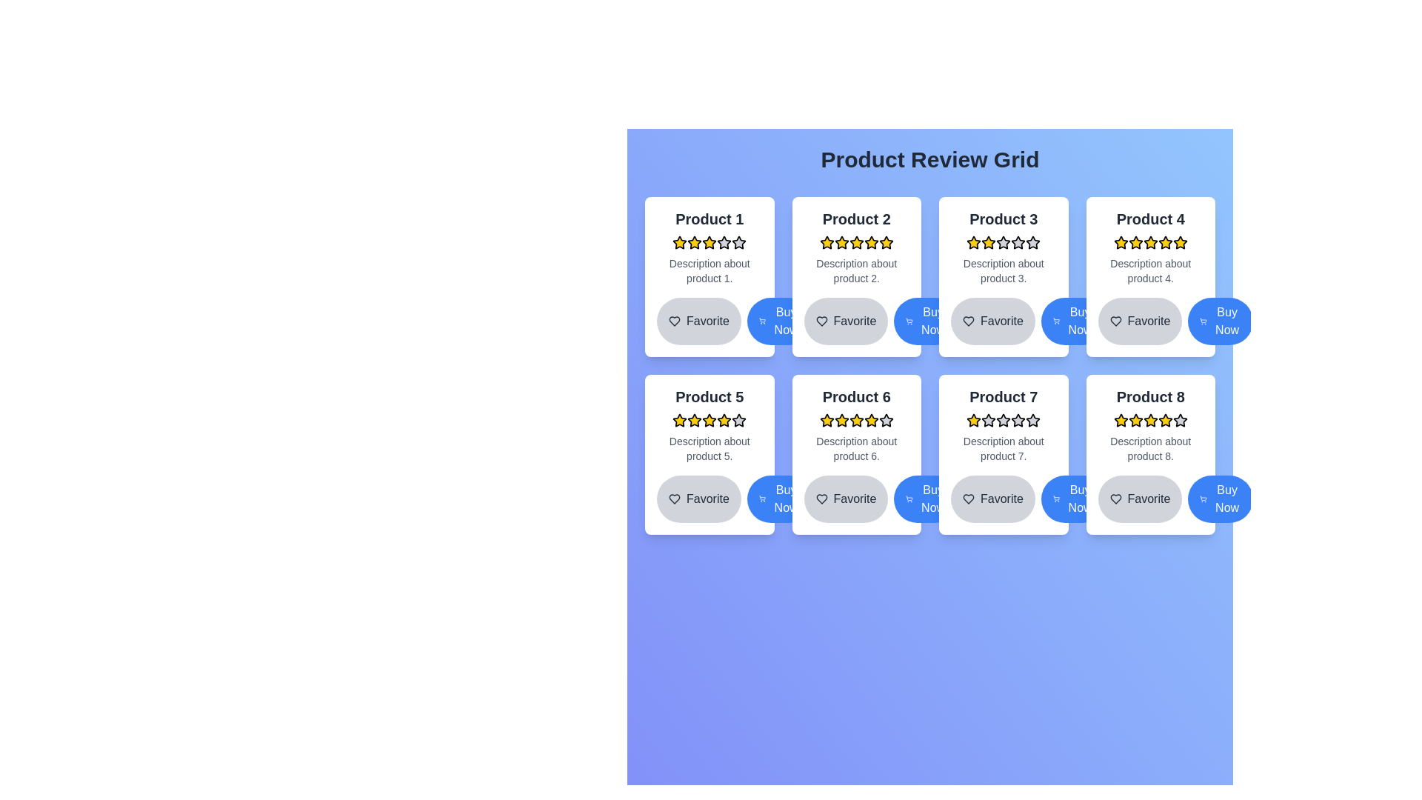 The image size is (1422, 800). Describe the element at coordinates (679, 420) in the screenshot. I see `the first star icon representing the 1 out of 5 rating for 'Product 5' to use the visual cue for identifying the product's rating` at that location.